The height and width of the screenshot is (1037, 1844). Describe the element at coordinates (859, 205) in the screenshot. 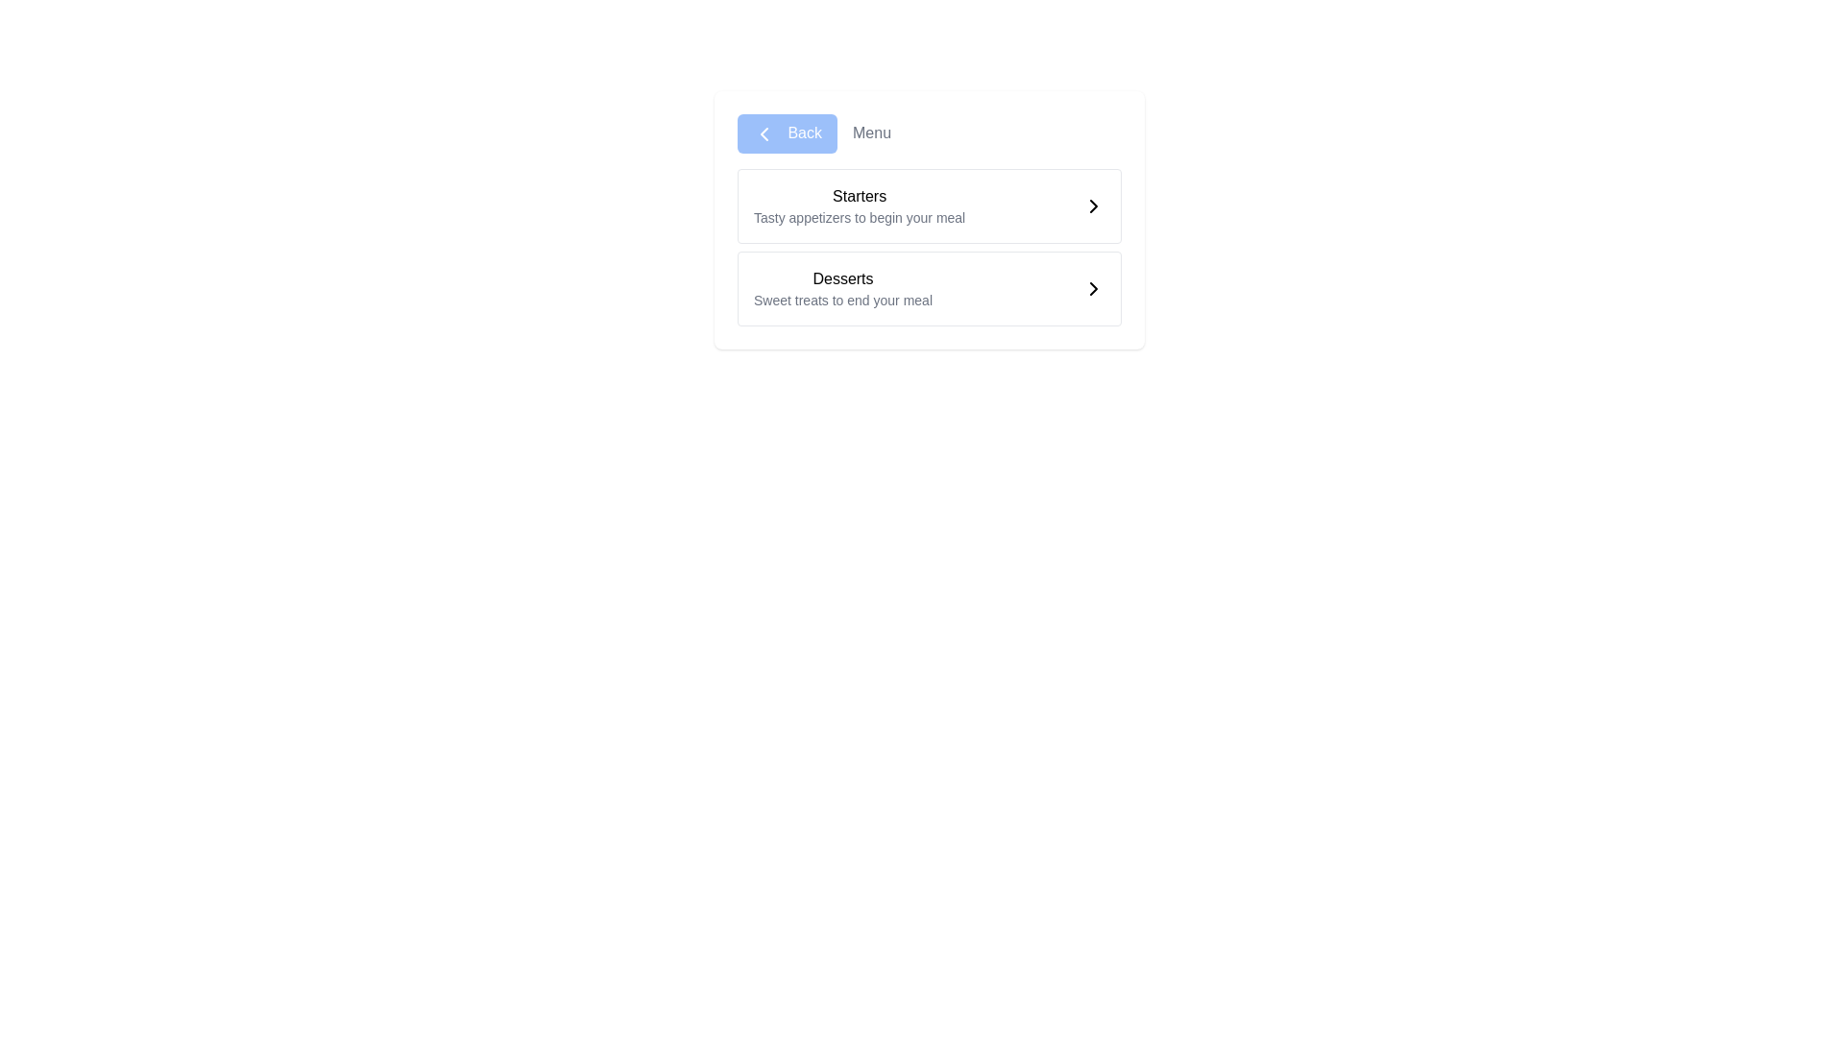

I see `the 'Starters' text pair element, which is the first item in the list under the 'Menu' header, to trigger the focus effect` at that location.